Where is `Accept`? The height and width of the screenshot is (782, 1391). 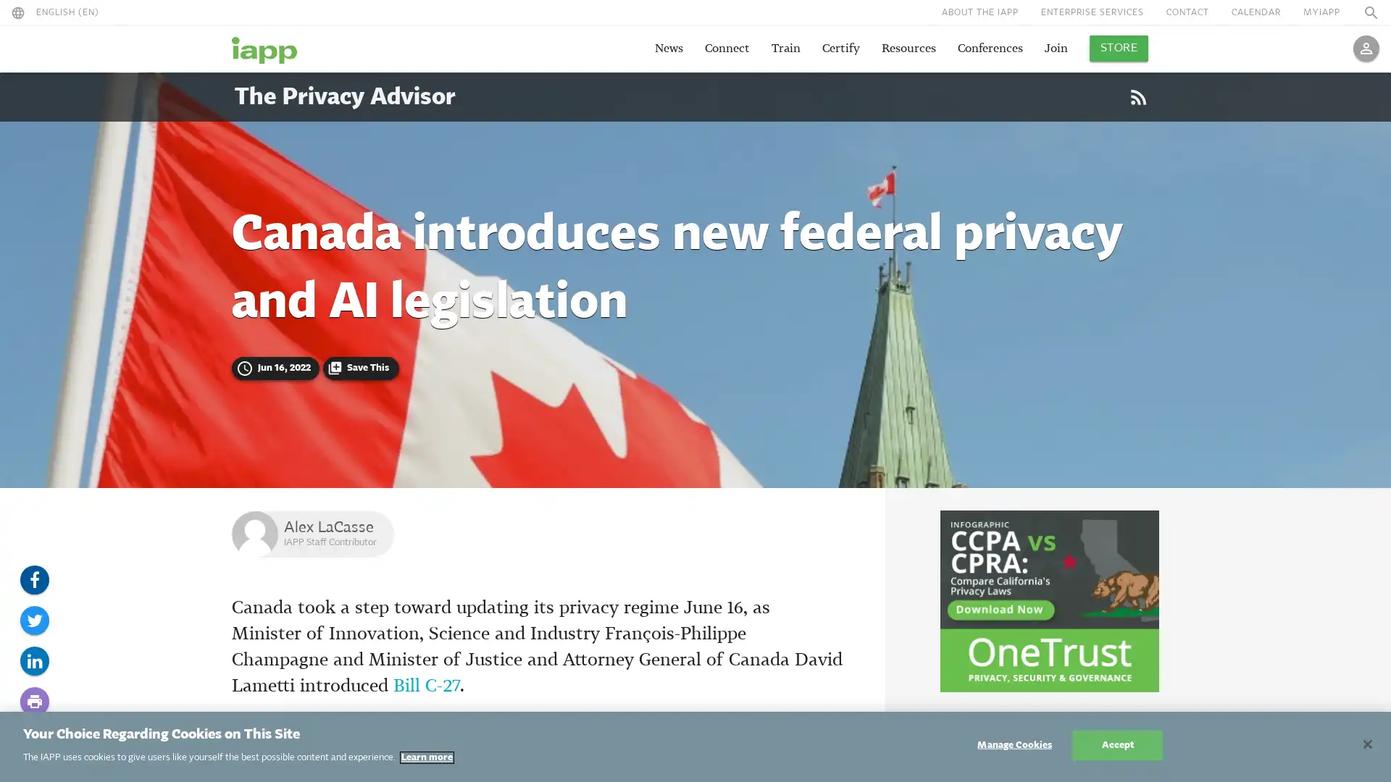 Accept is located at coordinates (1116, 745).